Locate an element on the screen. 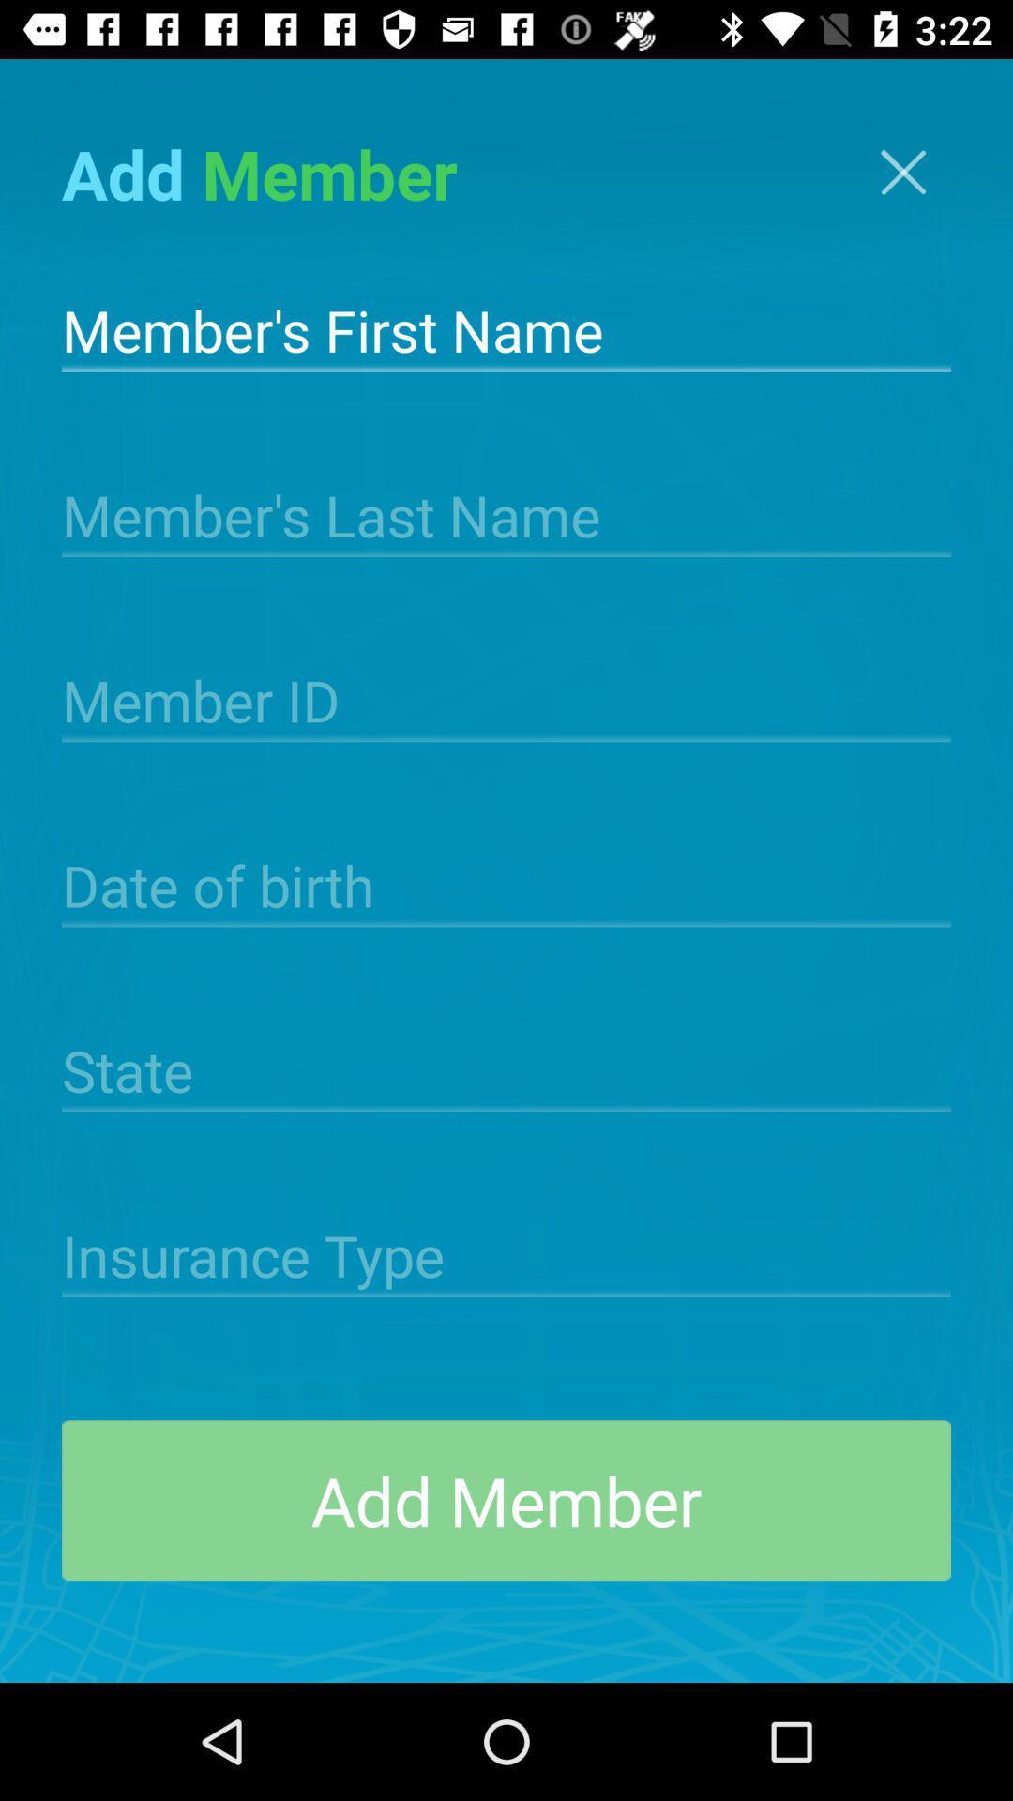 This screenshot has width=1013, height=1801. the member id is located at coordinates (506, 698).